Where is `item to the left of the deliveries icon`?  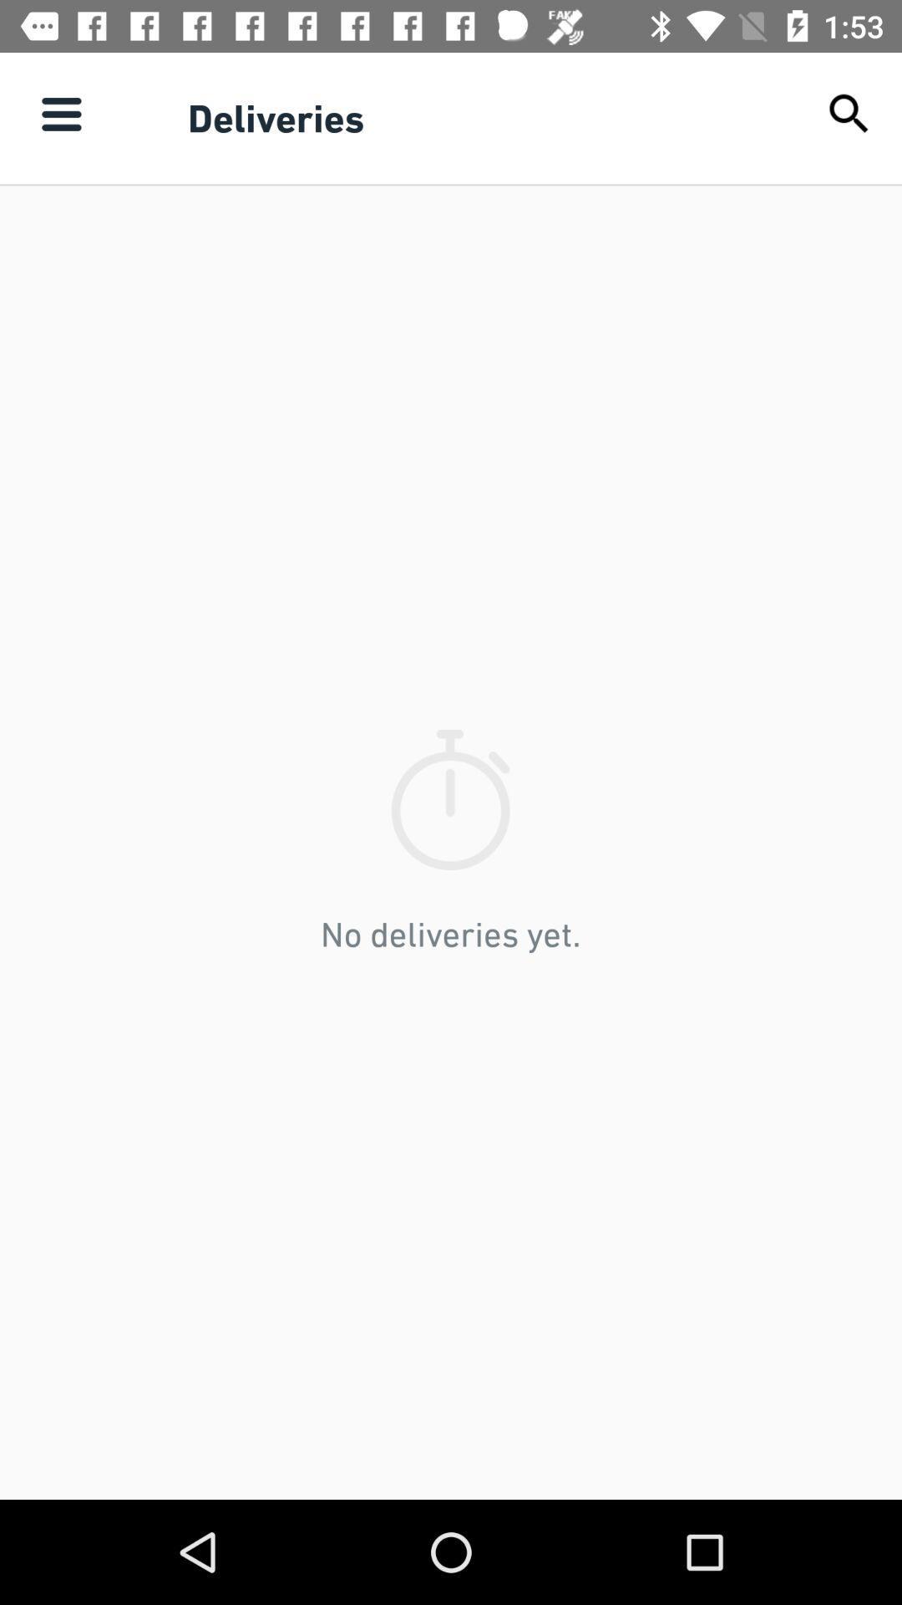 item to the left of the deliveries icon is located at coordinates (60, 113).